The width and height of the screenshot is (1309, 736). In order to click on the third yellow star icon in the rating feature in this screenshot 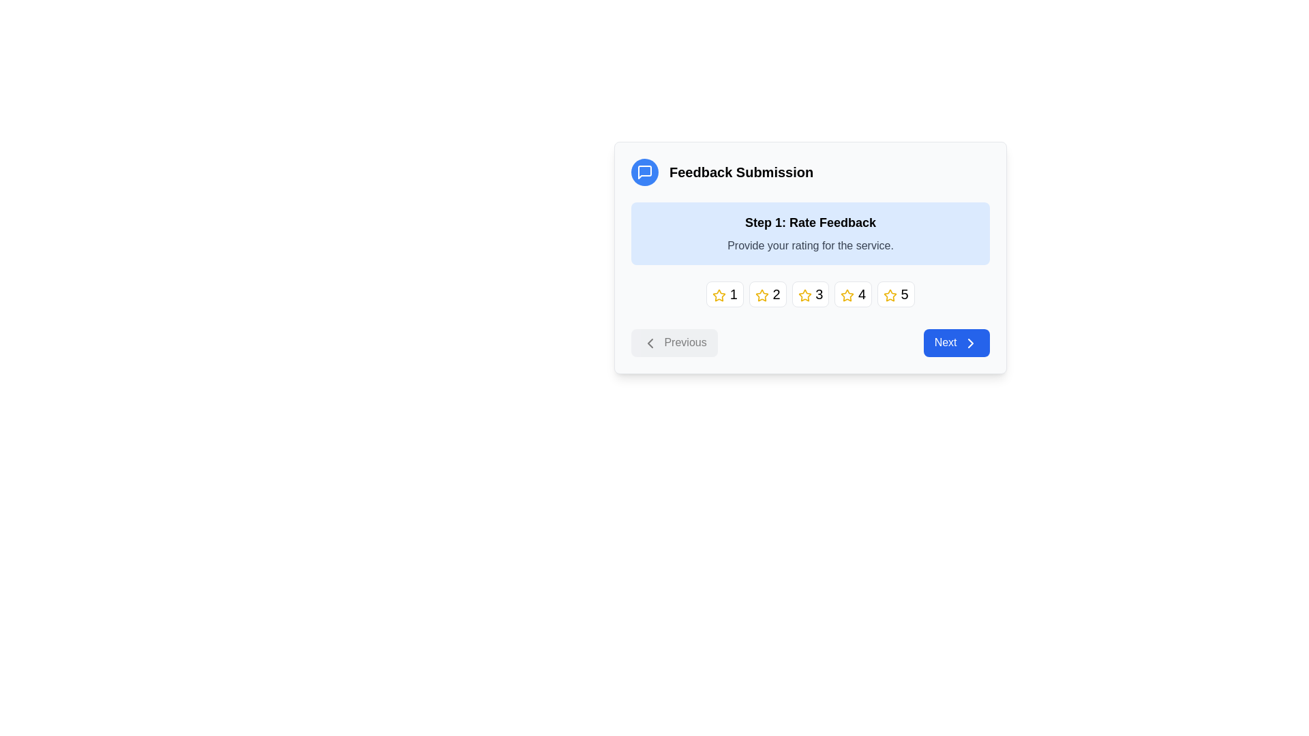, I will do `click(804, 294)`.